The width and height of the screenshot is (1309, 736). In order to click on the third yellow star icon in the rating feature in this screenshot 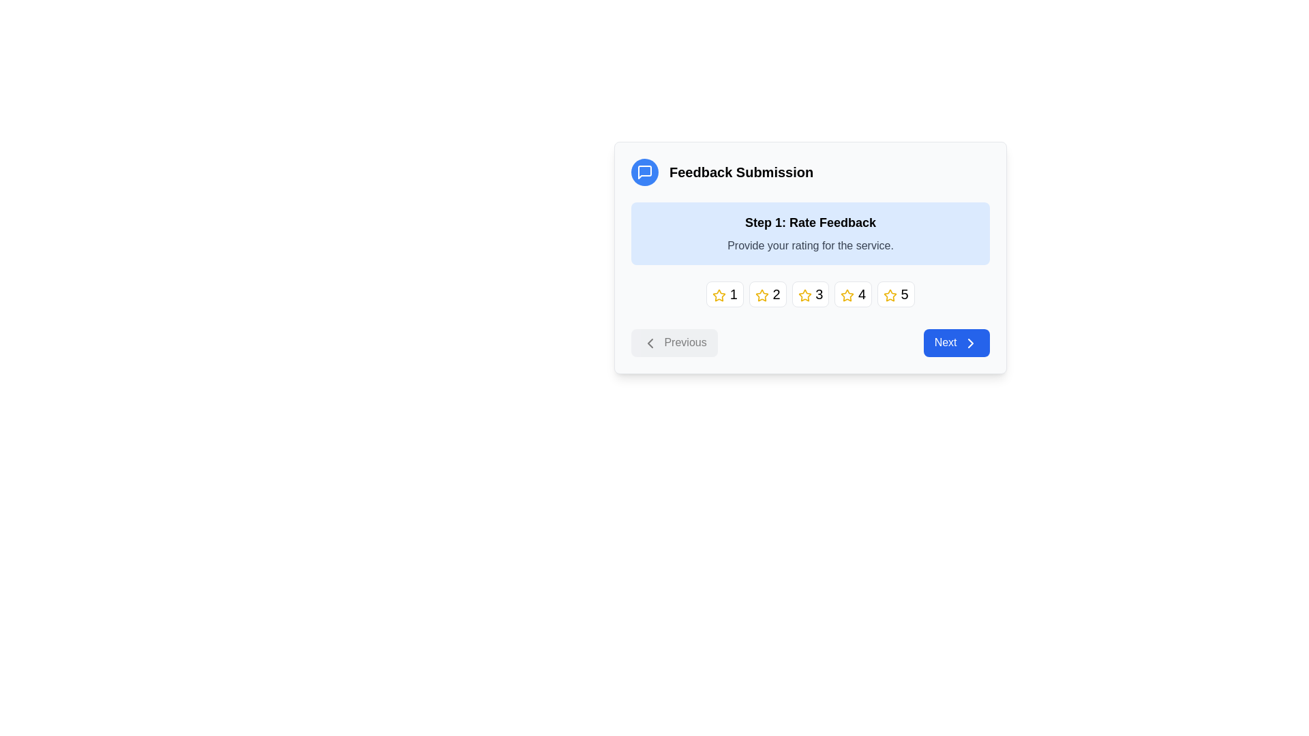, I will do `click(804, 294)`.